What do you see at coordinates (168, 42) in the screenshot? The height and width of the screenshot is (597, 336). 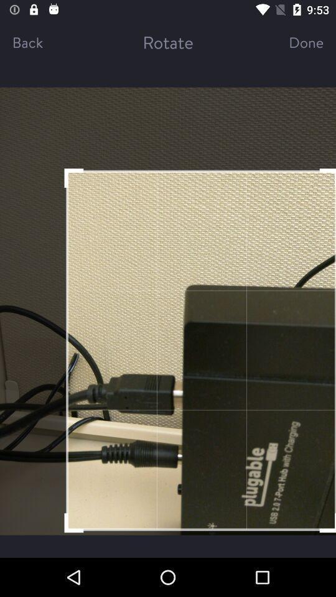 I see `the item next to done` at bounding box center [168, 42].